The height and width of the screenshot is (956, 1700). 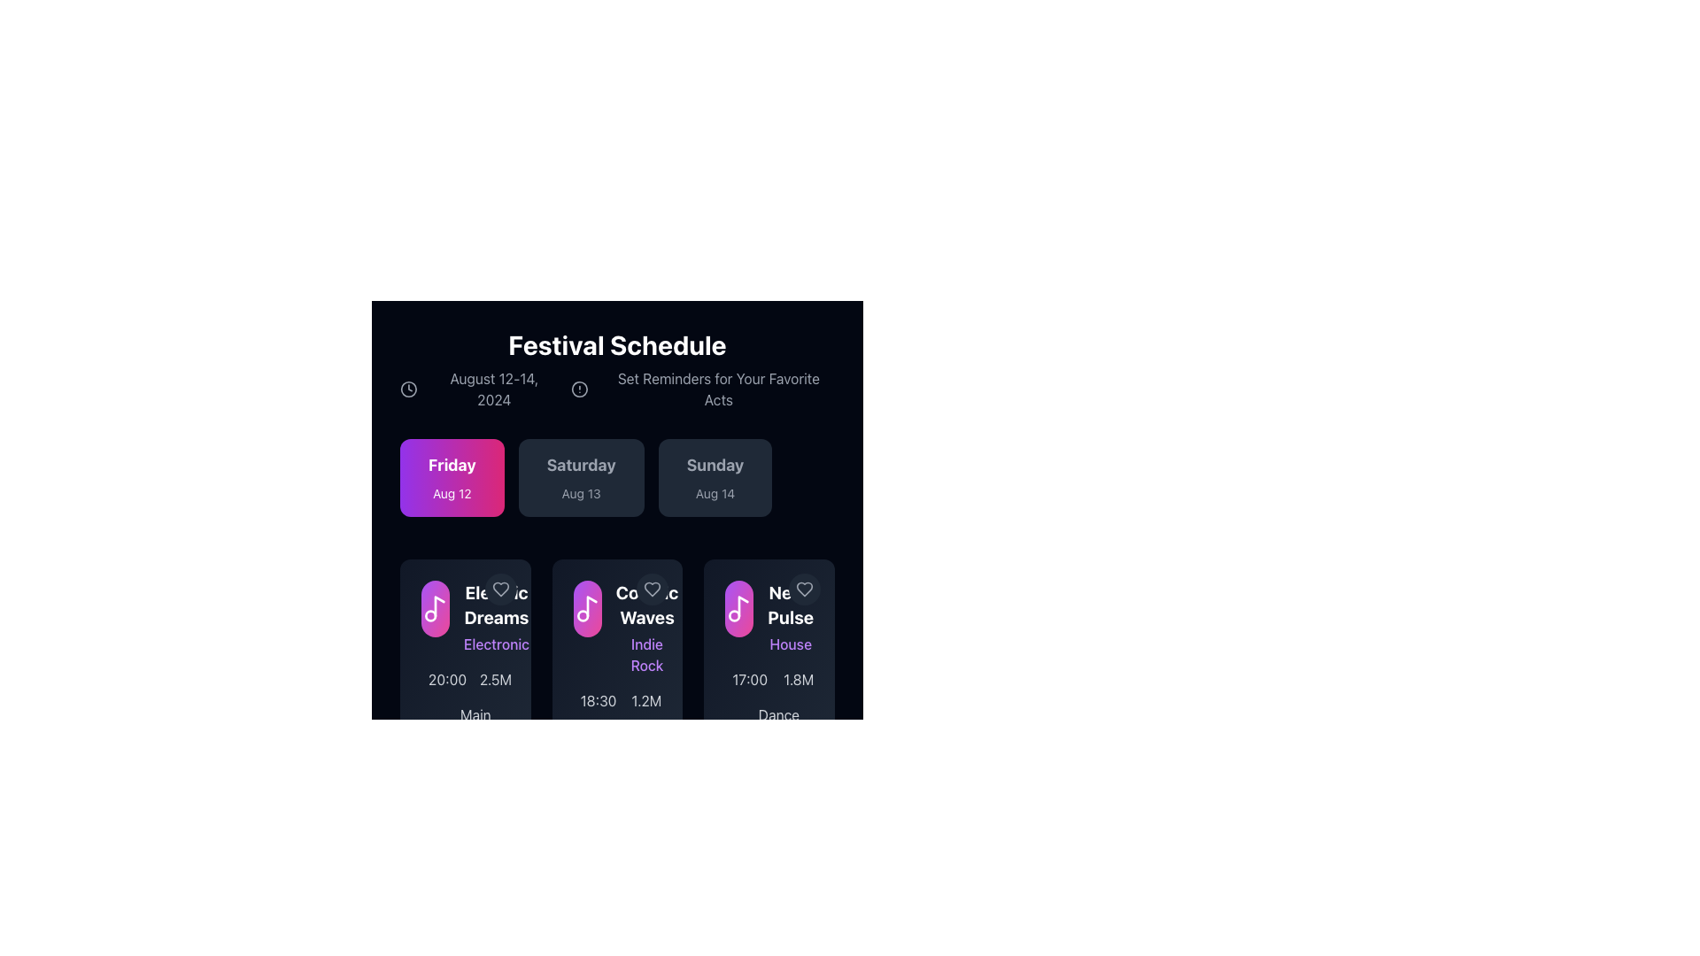 What do you see at coordinates (790, 644) in the screenshot?
I see `the static text label displaying 'House' located within the 'Neon Pulse' card in the festival schedule interface to trigger any potential tooltip or visual effect` at bounding box center [790, 644].